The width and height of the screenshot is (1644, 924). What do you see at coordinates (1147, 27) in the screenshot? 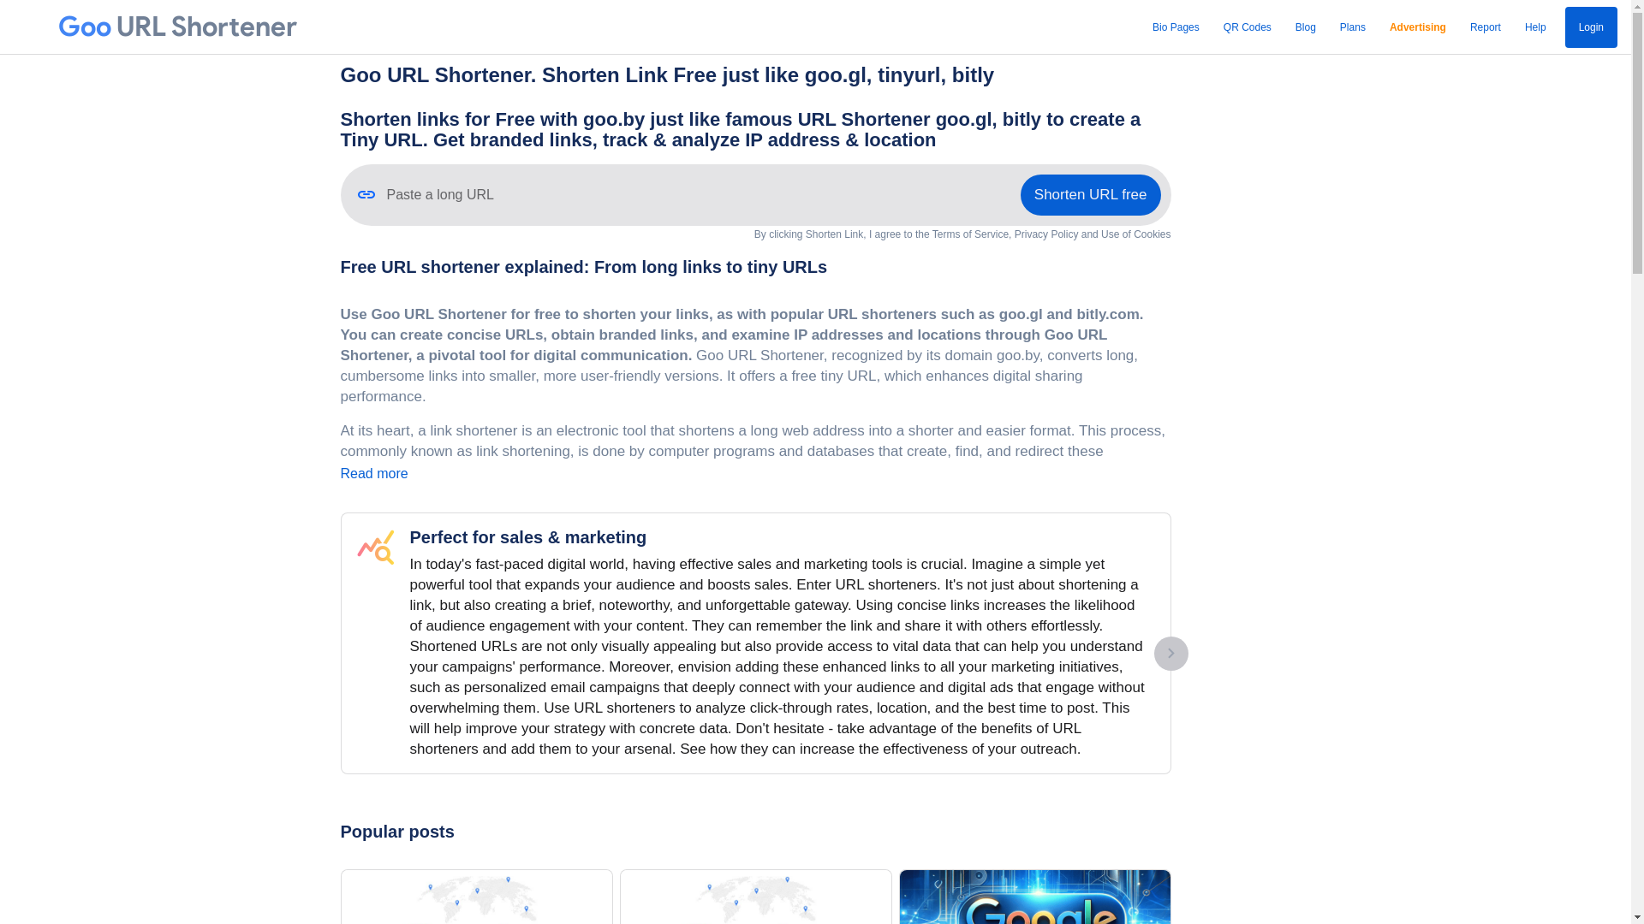
I see `'Bio Pages'` at bounding box center [1147, 27].